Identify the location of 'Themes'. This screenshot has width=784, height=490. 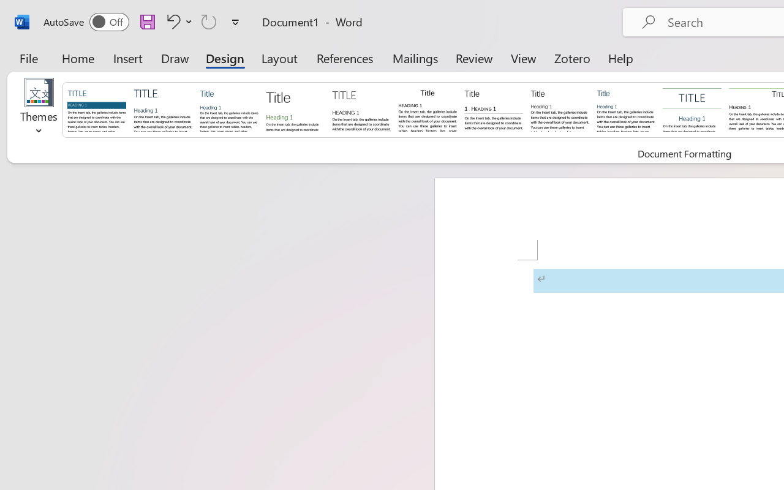
(39, 110).